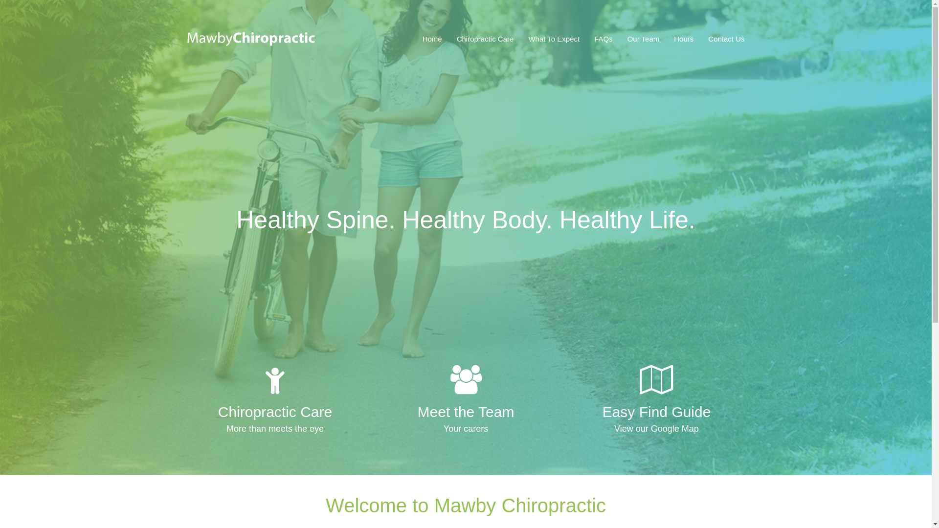 This screenshot has height=528, width=939. I want to click on 'Home', so click(435, 39).